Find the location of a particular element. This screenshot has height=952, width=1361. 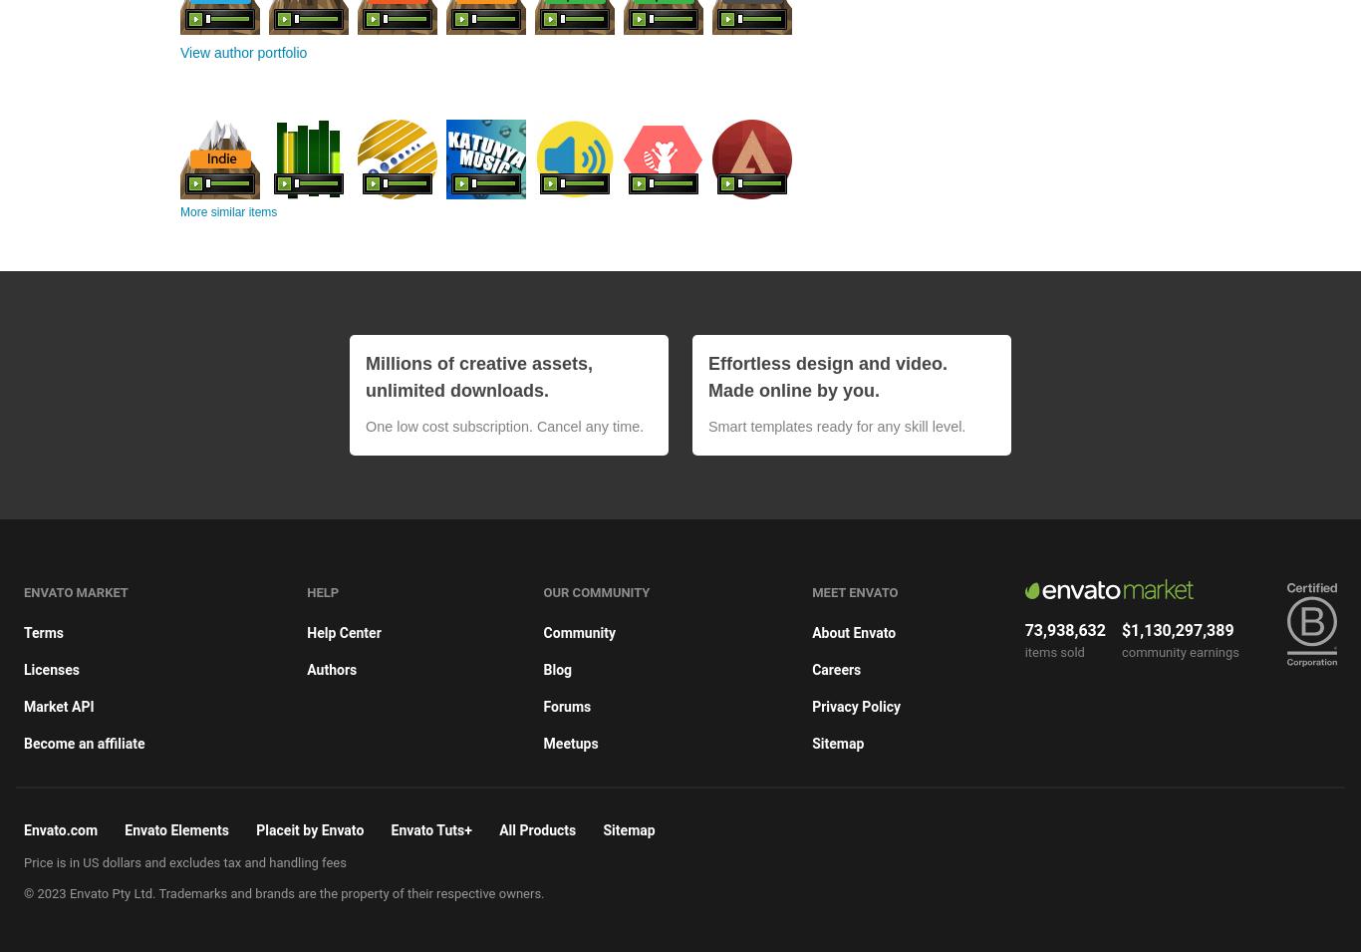

'Authors' is located at coordinates (307, 667).